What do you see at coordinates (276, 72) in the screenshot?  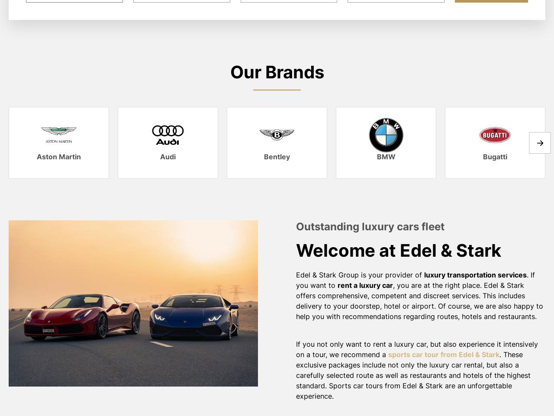 I see `'Our Brands'` at bounding box center [276, 72].